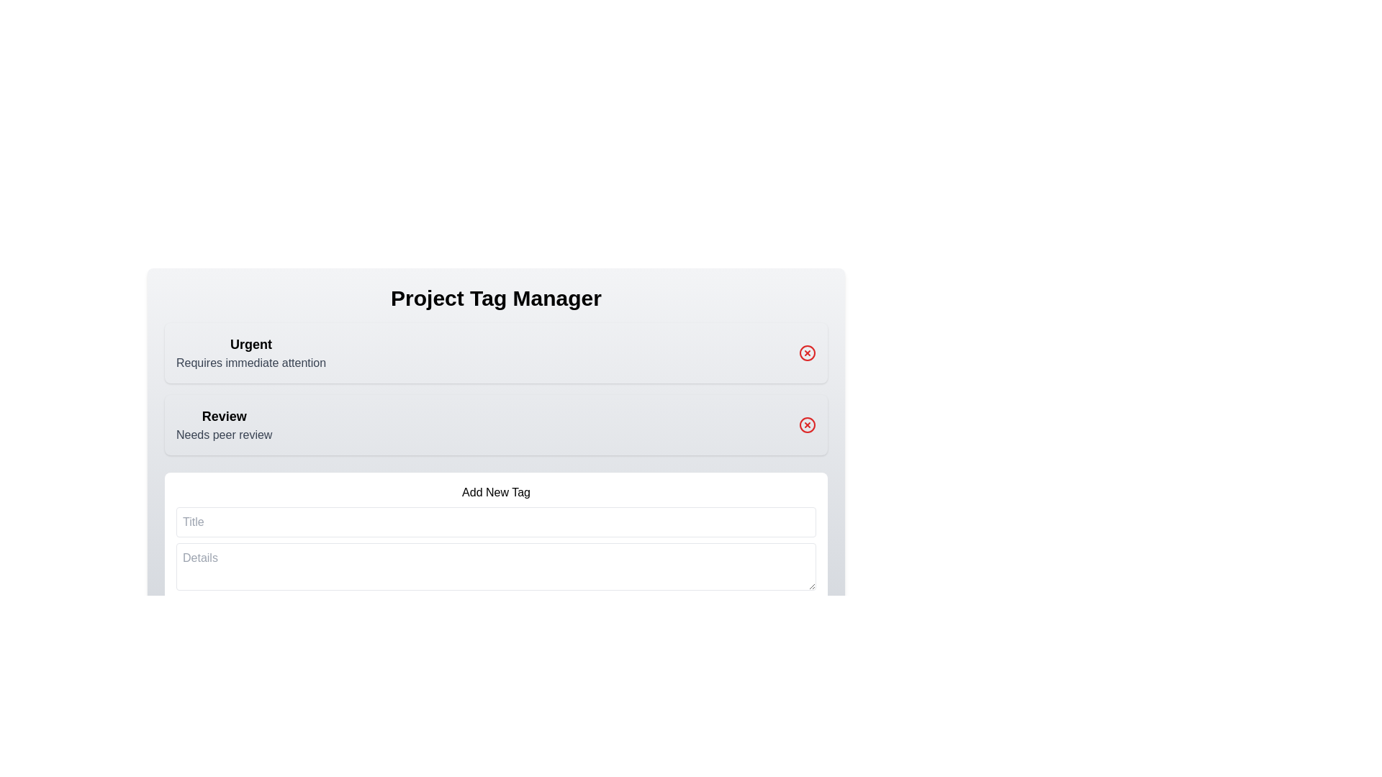 The image size is (1382, 777). I want to click on the static text label that titles the section for adding new tags, located above the 'Title' input field and the 'Details' text area, so click(496, 492).